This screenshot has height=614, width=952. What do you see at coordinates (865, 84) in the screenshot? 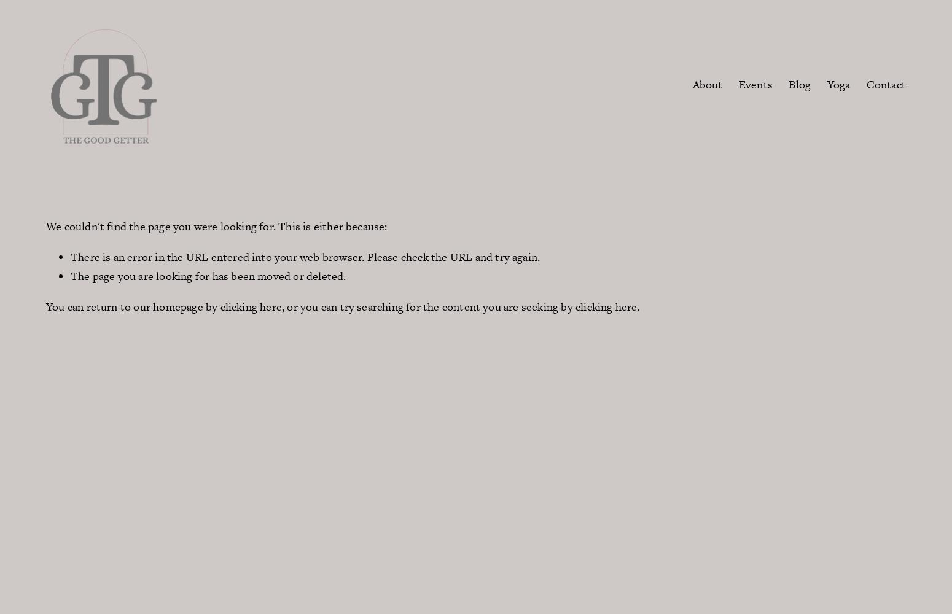
I see `'Contact'` at bounding box center [865, 84].